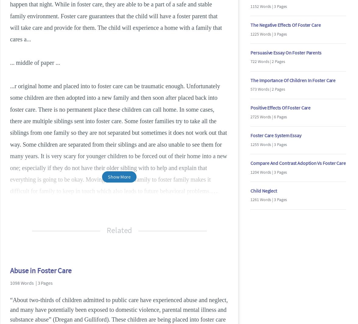  Describe the element at coordinates (41, 270) in the screenshot. I see `'Abuse in Foster Care'` at that location.